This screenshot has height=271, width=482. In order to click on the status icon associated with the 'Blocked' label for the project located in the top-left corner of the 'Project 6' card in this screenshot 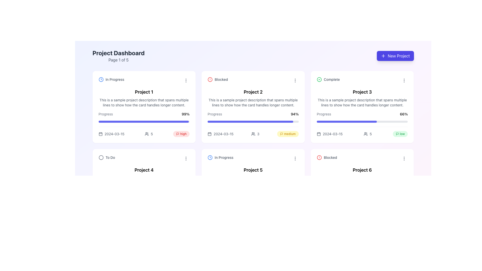, I will do `click(362, 159)`.